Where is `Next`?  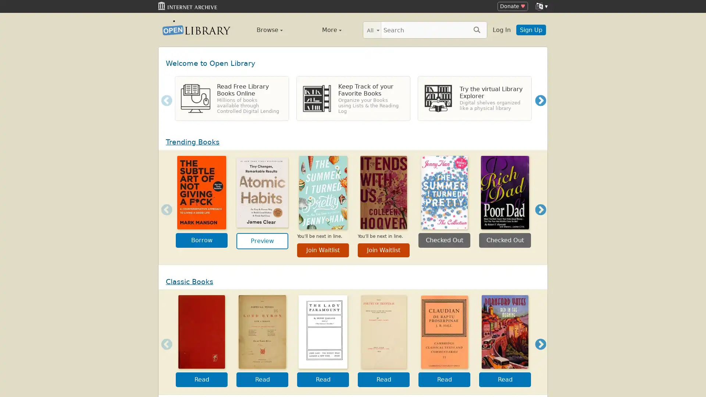 Next is located at coordinates (541, 210).